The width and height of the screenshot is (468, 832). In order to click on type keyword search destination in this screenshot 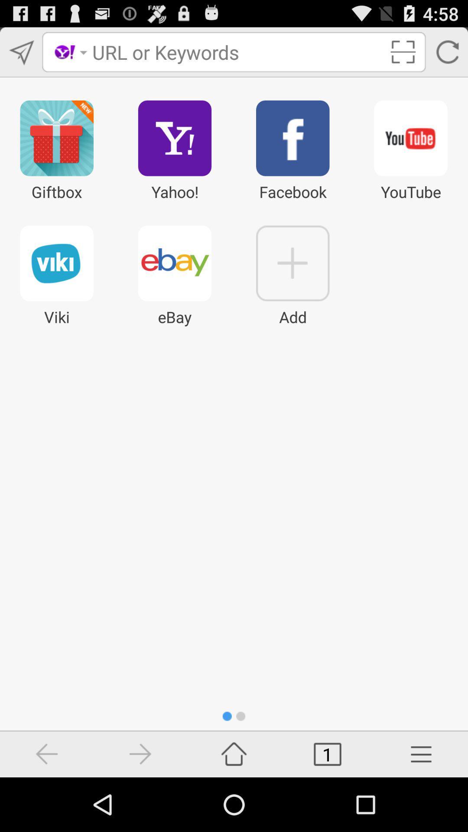, I will do `click(237, 52)`.